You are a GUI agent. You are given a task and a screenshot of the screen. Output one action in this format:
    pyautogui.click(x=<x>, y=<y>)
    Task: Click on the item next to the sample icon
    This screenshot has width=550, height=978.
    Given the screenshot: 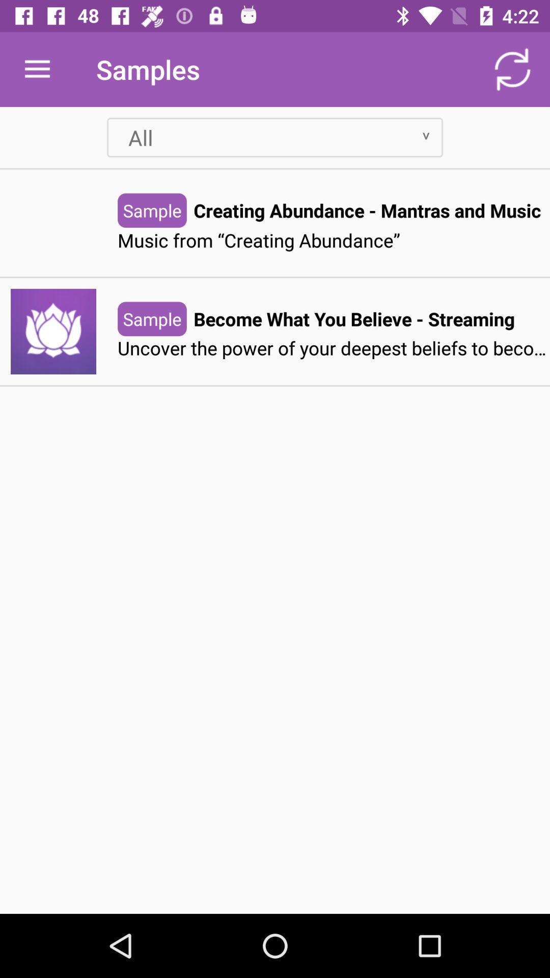 What is the action you would take?
    pyautogui.click(x=353, y=318)
    